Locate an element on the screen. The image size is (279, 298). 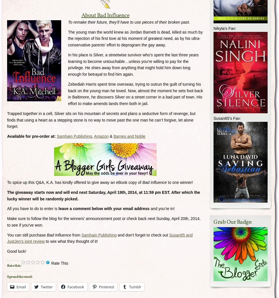
'Tumblr' is located at coordinates (135, 287).